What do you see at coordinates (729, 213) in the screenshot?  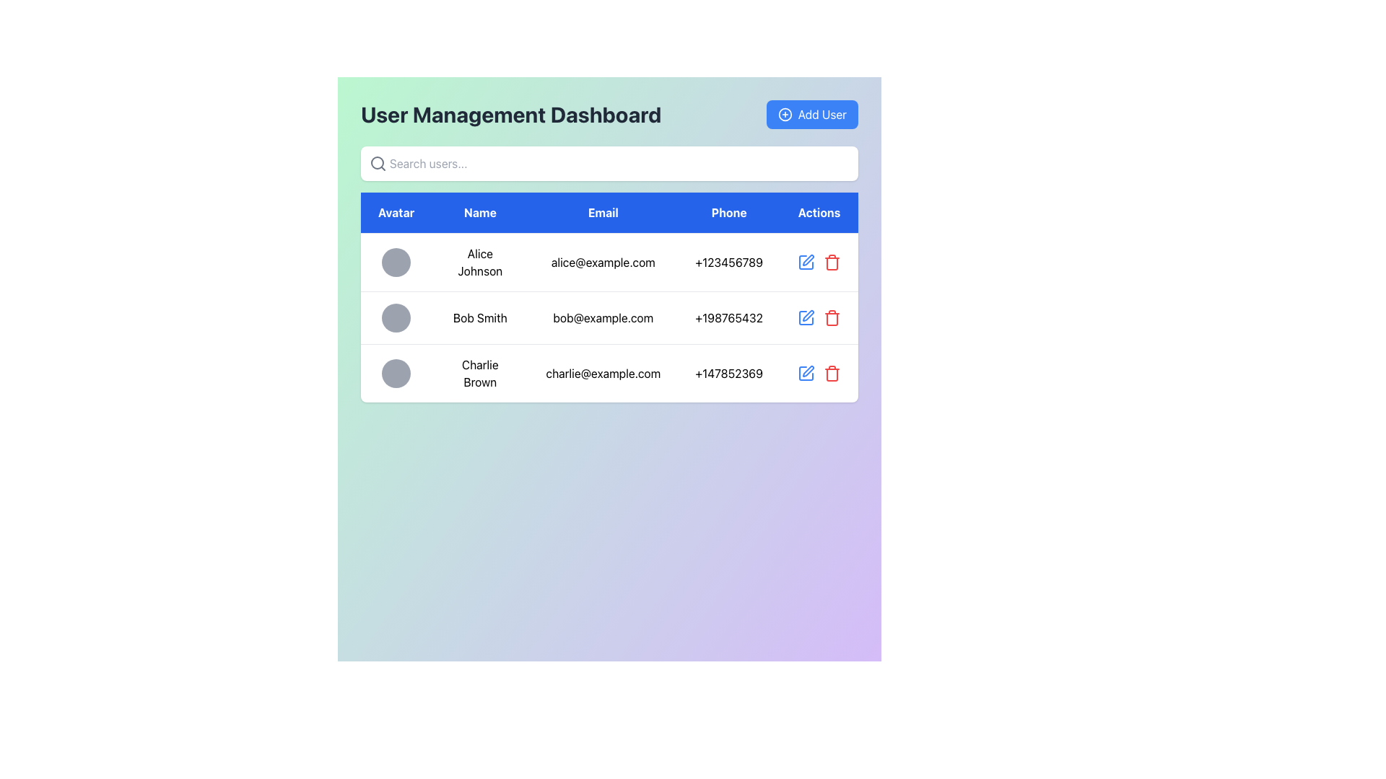 I see `the header labeled 'Phone', which is a rectangular button-like component with bold white text on a vibrant blue background, positioned between the 'Email' and 'Actions' headers` at bounding box center [729, 213].